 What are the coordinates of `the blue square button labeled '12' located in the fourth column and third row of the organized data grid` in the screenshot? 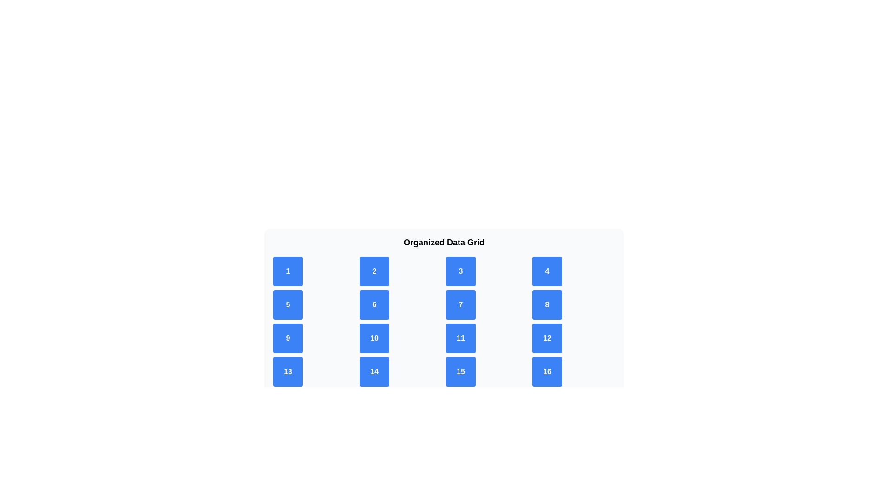 It's located at (547, 338).